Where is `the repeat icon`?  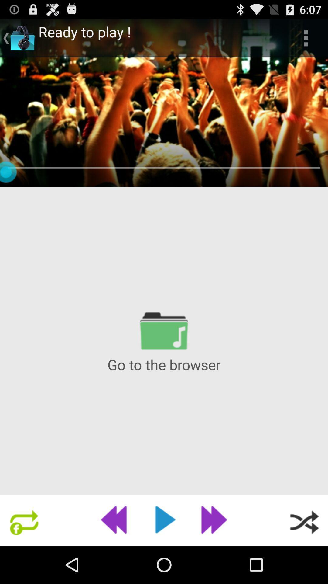 the repeat icon is located at coordinates (23, 557).